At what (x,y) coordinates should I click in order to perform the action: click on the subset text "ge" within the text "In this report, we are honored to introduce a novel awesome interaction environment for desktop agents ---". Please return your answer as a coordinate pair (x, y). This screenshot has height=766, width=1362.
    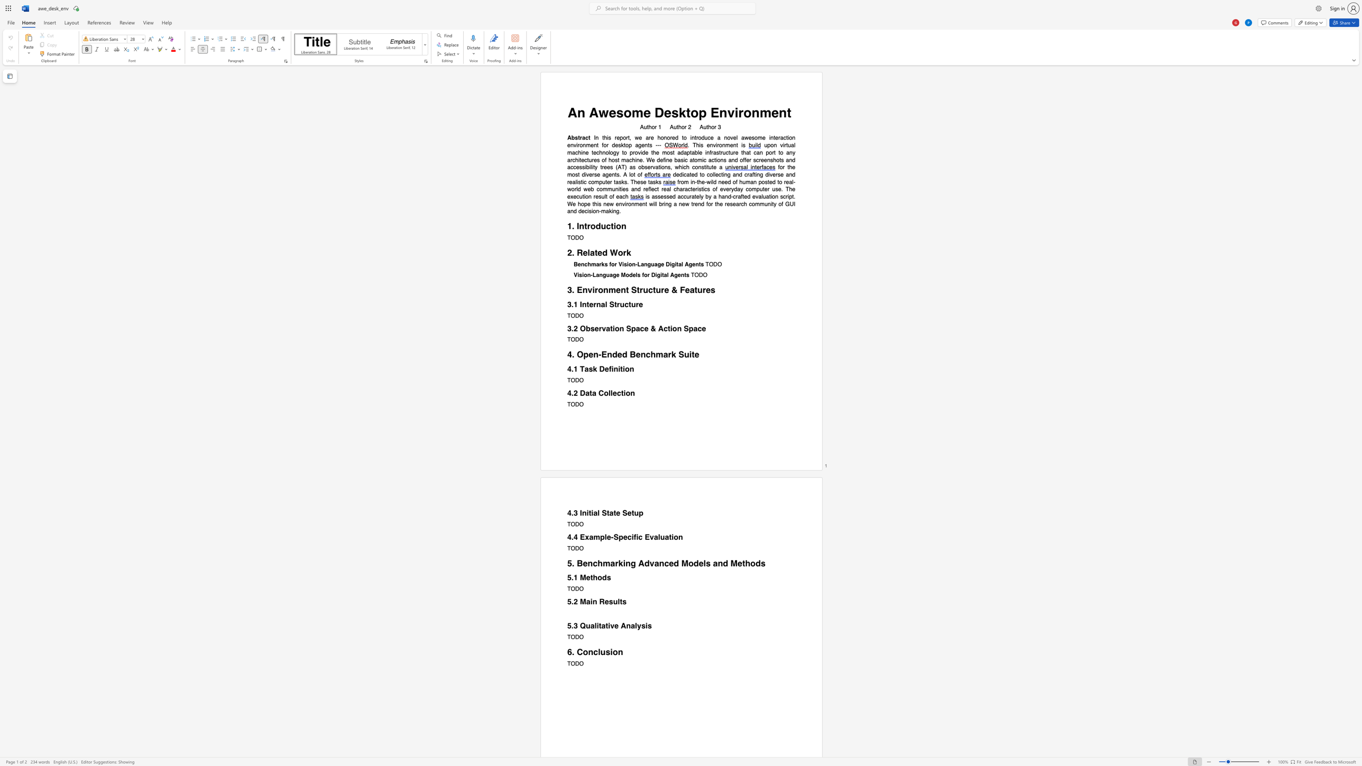
    Looking at the image, I should click on (638, 145).